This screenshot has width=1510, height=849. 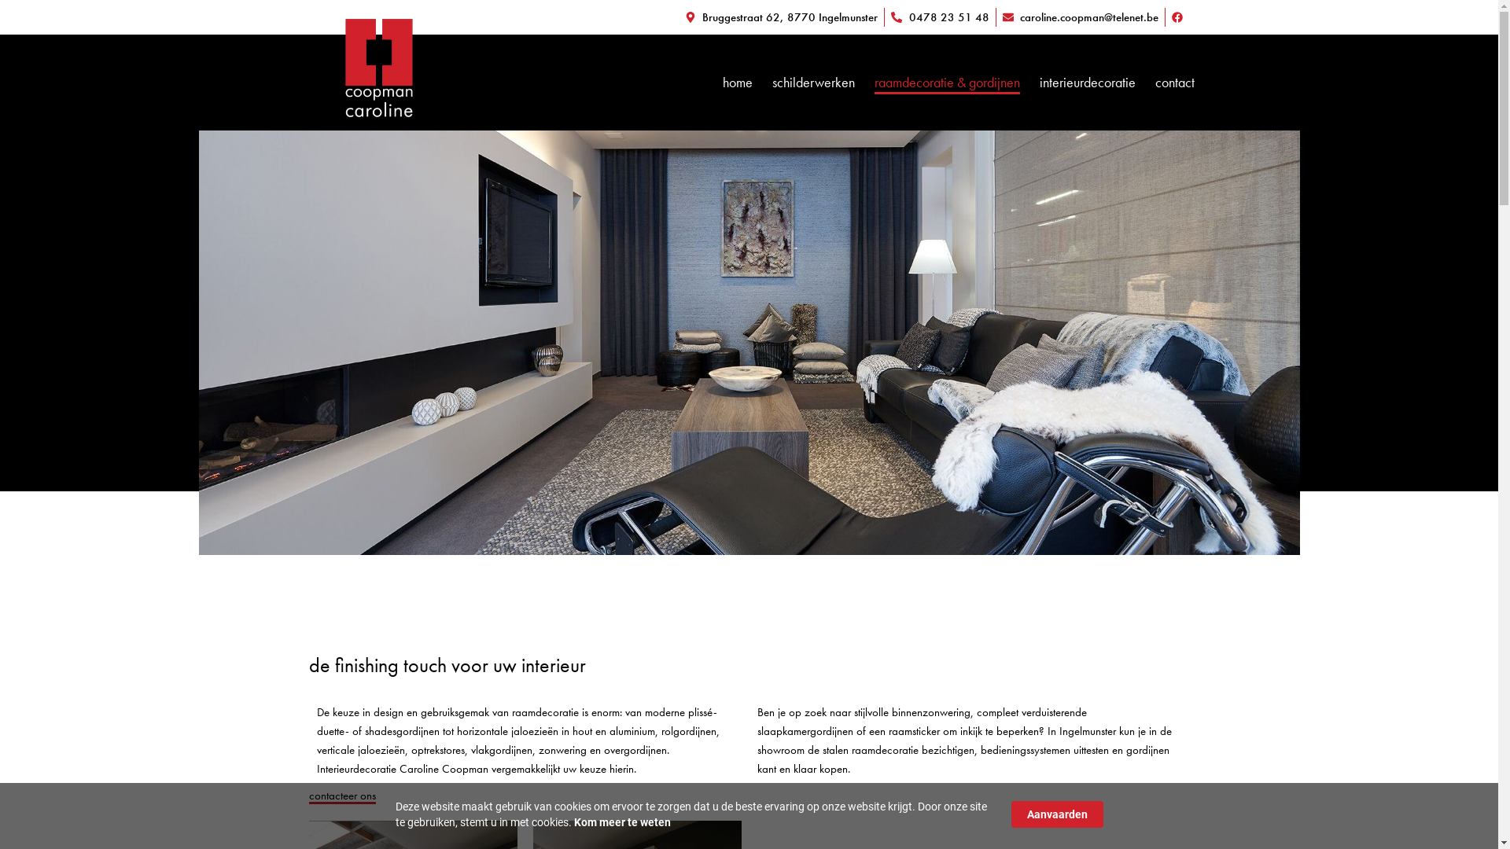 What do you see at coordinates (736, 82) in the screenshot?
I see `'home'` at bounding box center [736, 82].